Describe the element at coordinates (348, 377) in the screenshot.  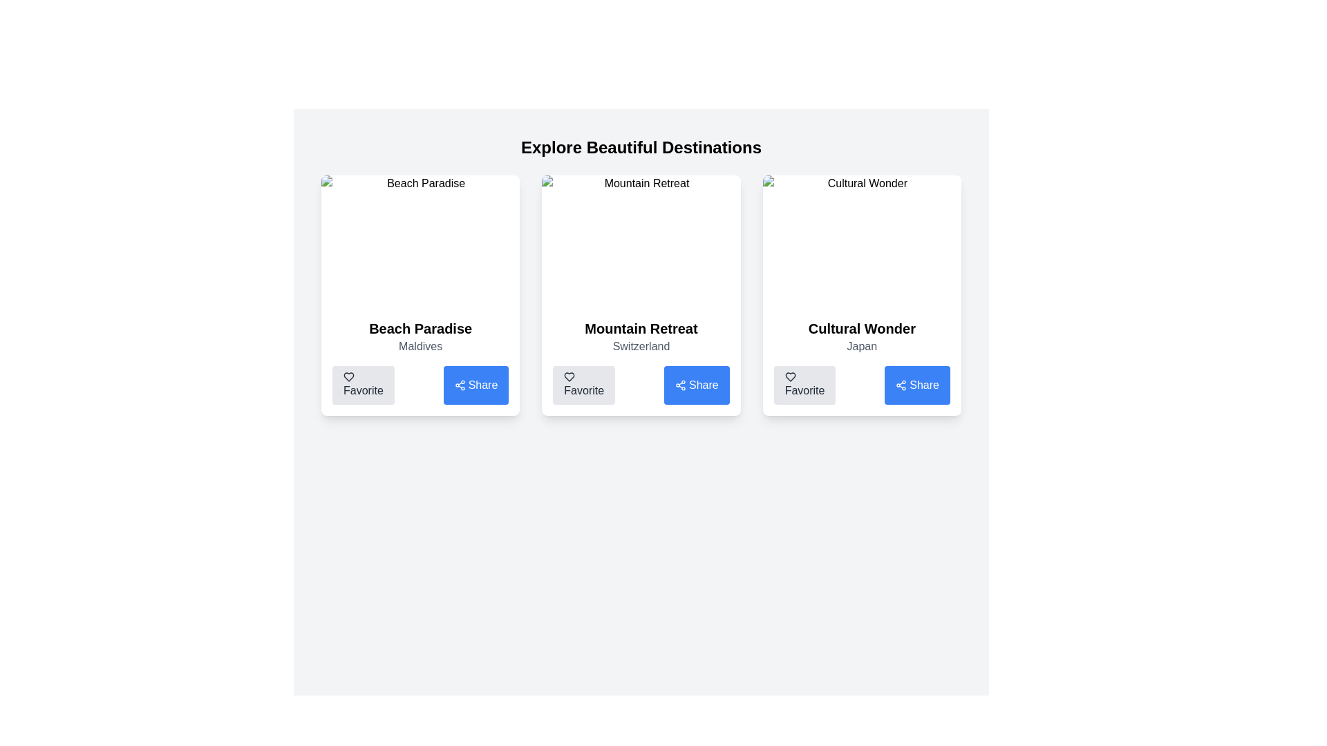
I see `the 'favorite' or 'like' icon located in the bottom-left corner of the first card above the text 'Favorite'` at that location.